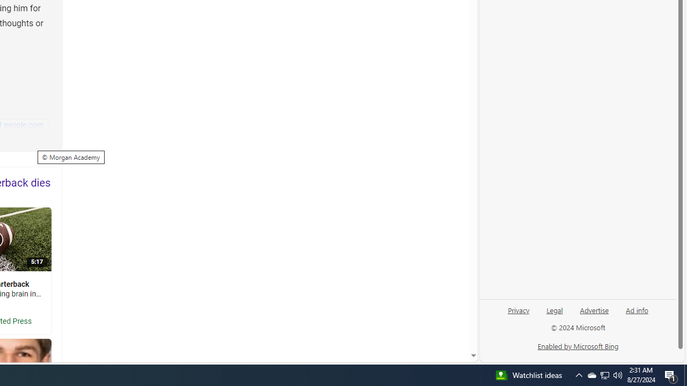  I want to click on 'AutomationID: mfa_root', so click(433, 323).